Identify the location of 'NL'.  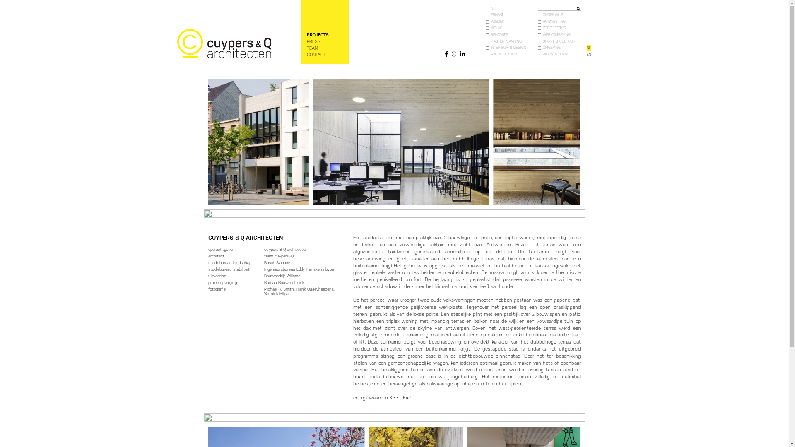
(588, 48).